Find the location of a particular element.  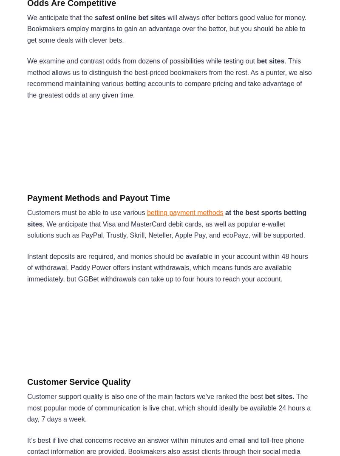

'. This method allows us to distinguish the best-priced bookmakers from the rest. As a punter, we also recommend maintaining various betting accounts to compare pricing and take advantage of the greatest odds at any given time.' is located at coordinates (169, 77).